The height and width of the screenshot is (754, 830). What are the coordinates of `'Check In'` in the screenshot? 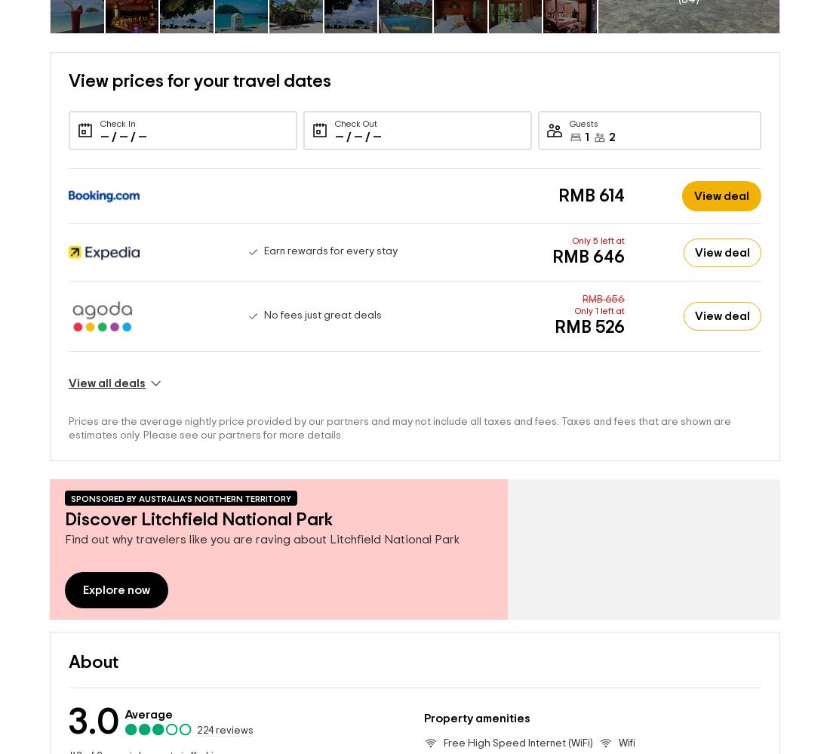 It's located at (117, 99).